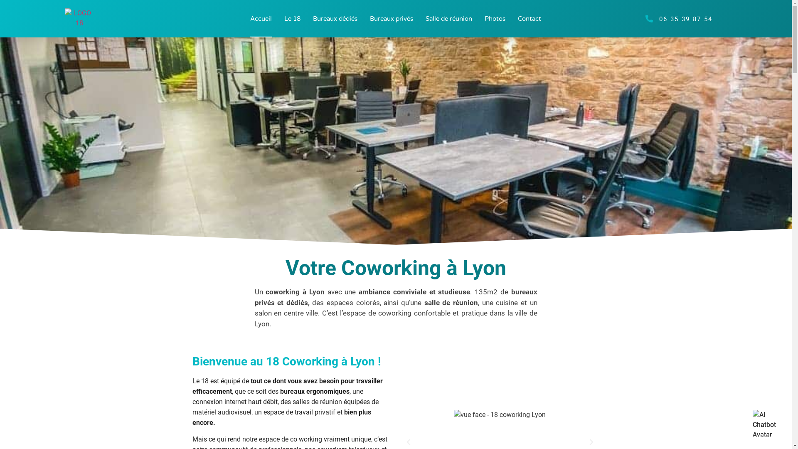  Describe the element at coordinates (485, 19) in the screenshot. I see `'Photos'` at that location.